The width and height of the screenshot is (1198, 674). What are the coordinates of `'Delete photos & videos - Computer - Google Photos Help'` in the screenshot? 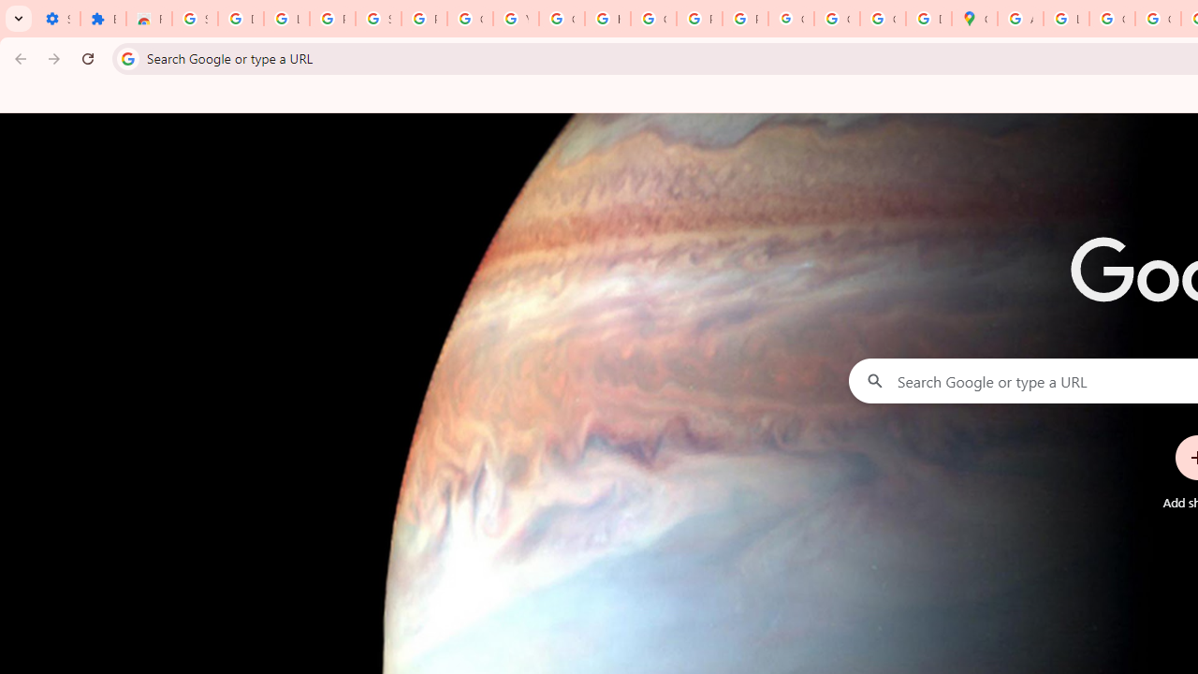 It's located at (240, 19).